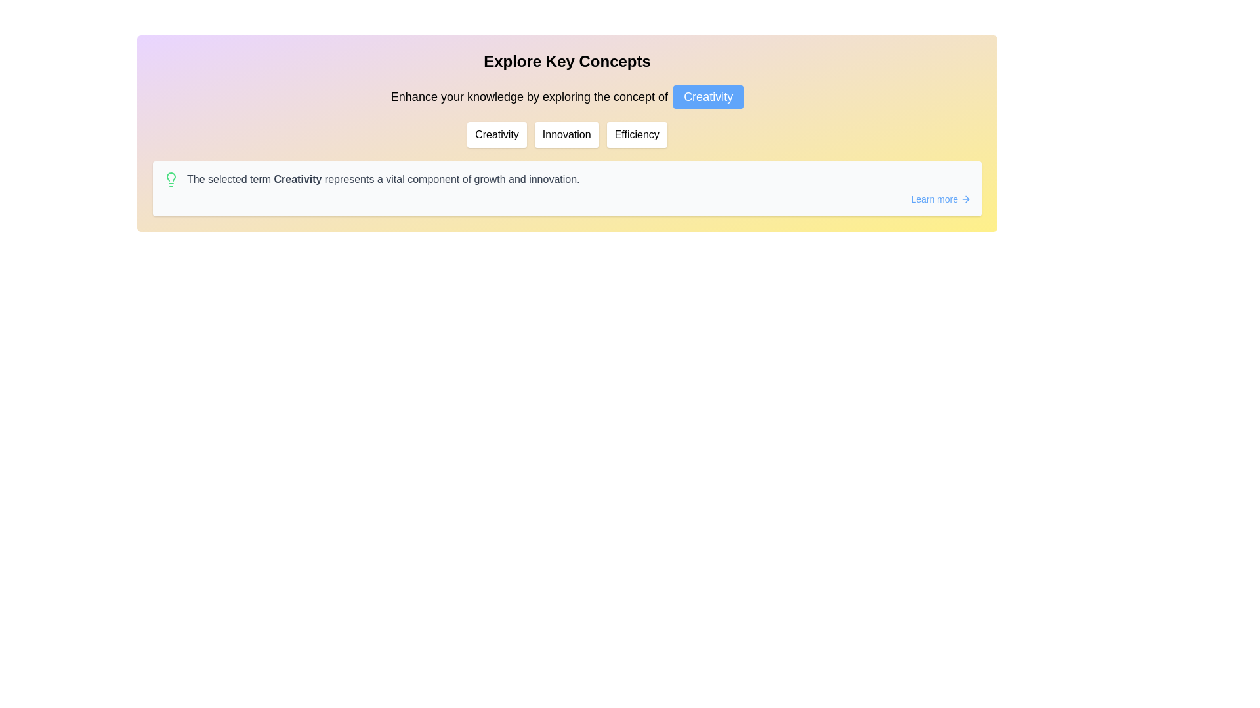  Describe the element at coordinates (496, 134) in the screenshot. I see `the leftmost navigational button for exploring creativity concepts, located below the 'Explore Key Concepts' header` at that location.